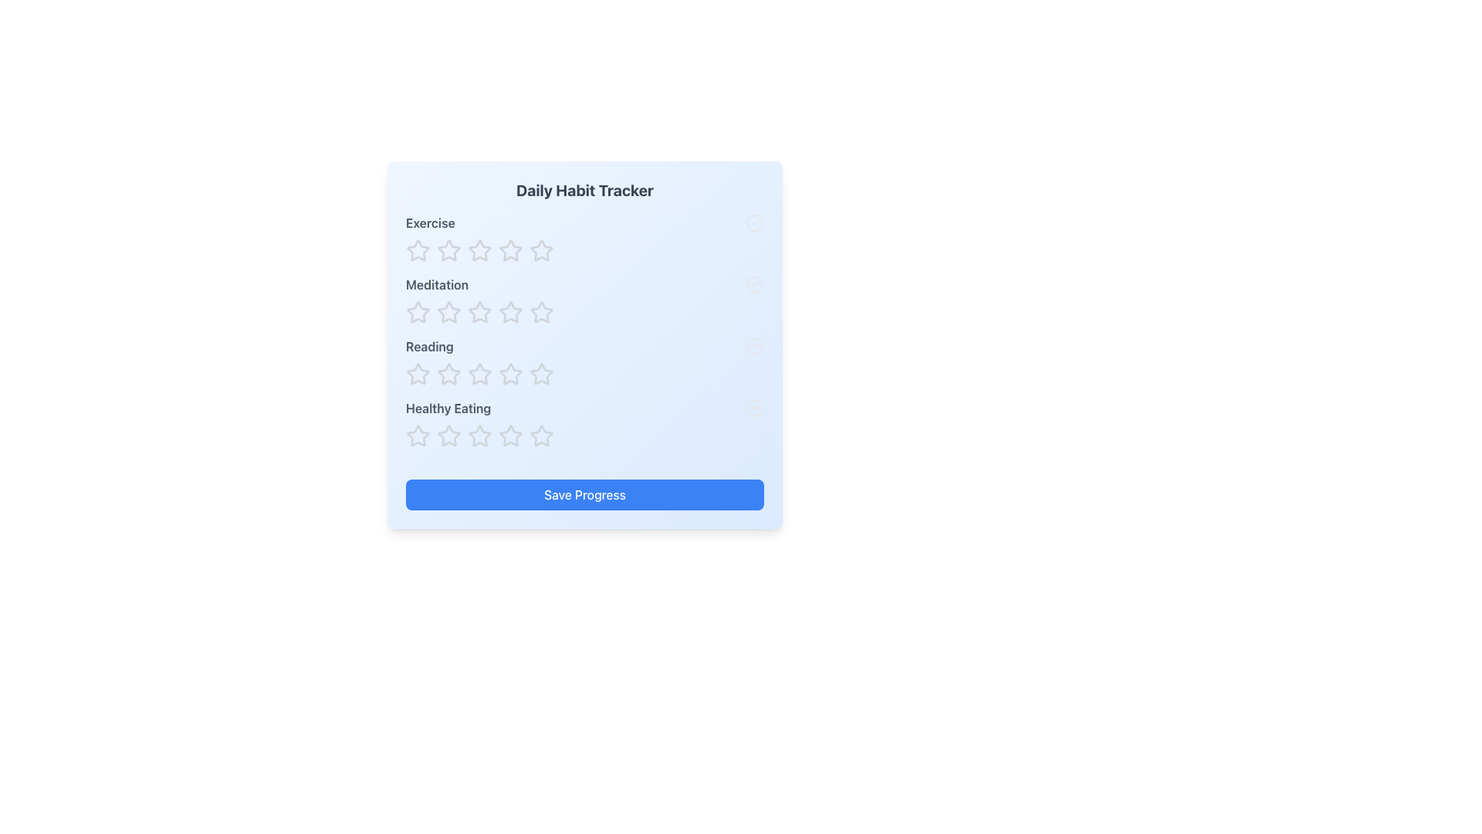 Image resolution: width=1482 pixels, height=834 pixels. What do you see at coordinates (511, 436) in the screenshot?
I see `the fourth star icon in the rating component for 'Healthy Eating'` at bounding box center [511, 436].